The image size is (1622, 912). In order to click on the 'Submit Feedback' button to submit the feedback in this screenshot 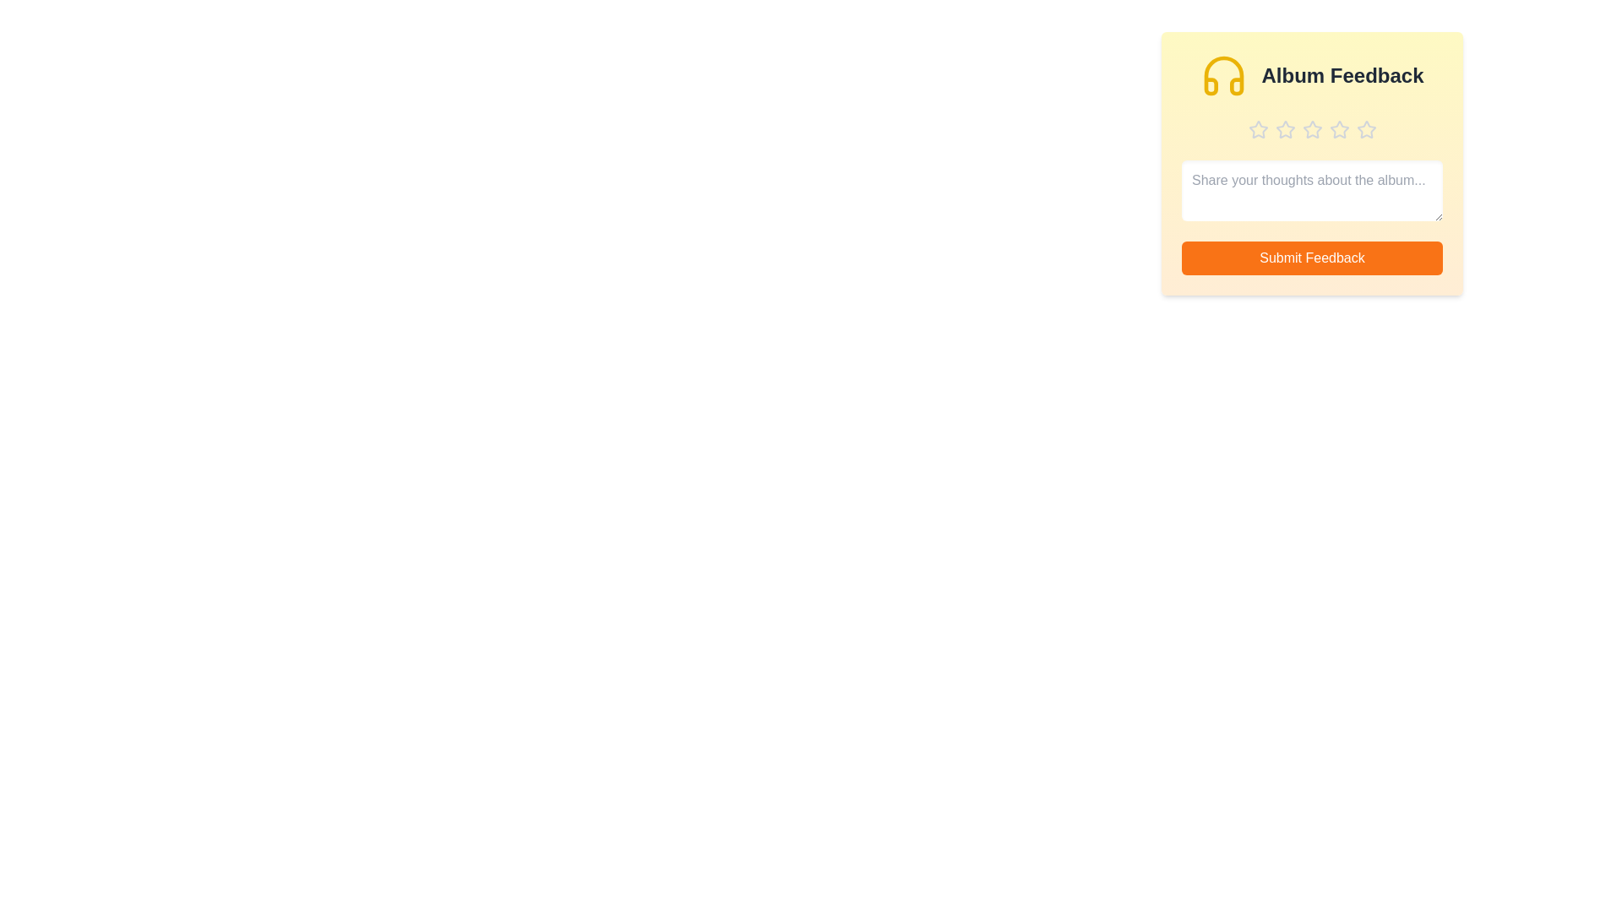, I will do `click(1311, 258)`.